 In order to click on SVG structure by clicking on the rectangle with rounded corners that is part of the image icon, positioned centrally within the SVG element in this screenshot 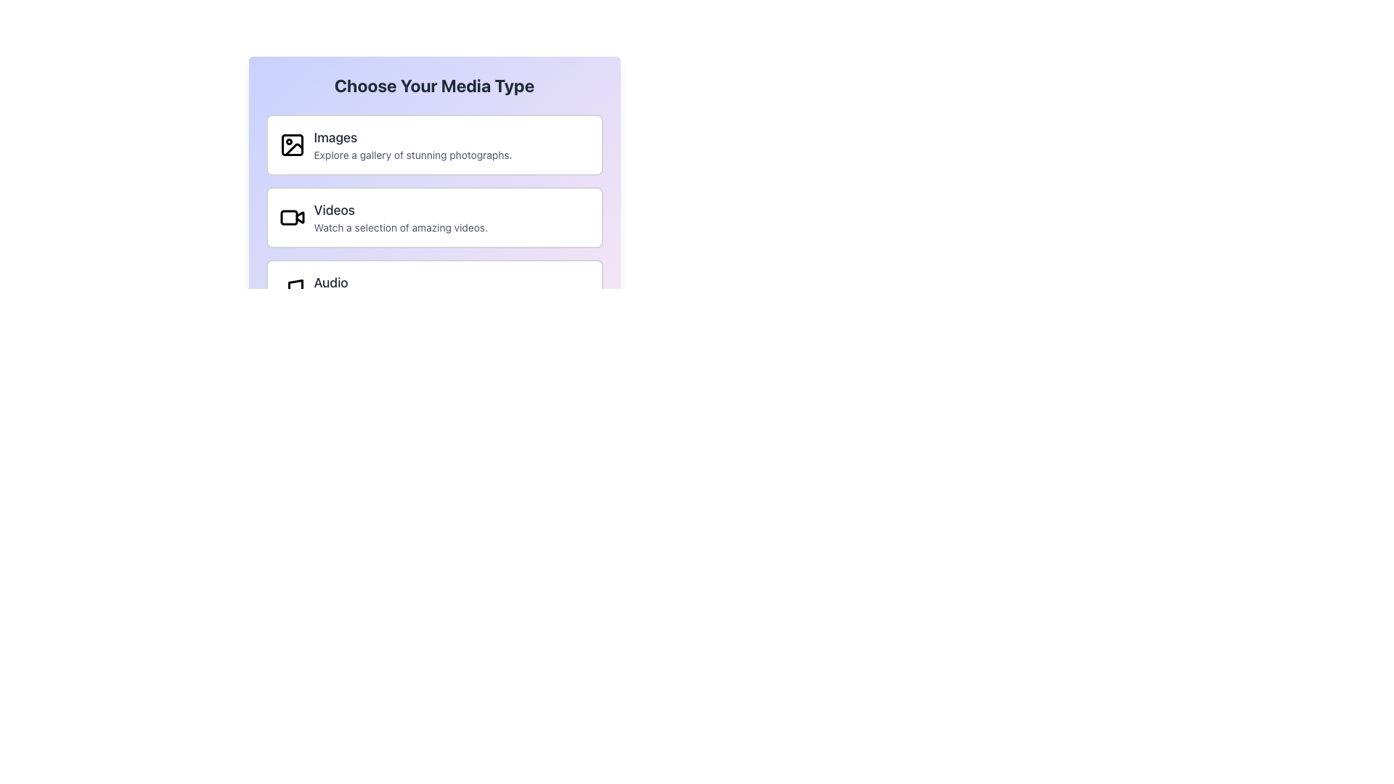, I will do `click(291, 145)`.